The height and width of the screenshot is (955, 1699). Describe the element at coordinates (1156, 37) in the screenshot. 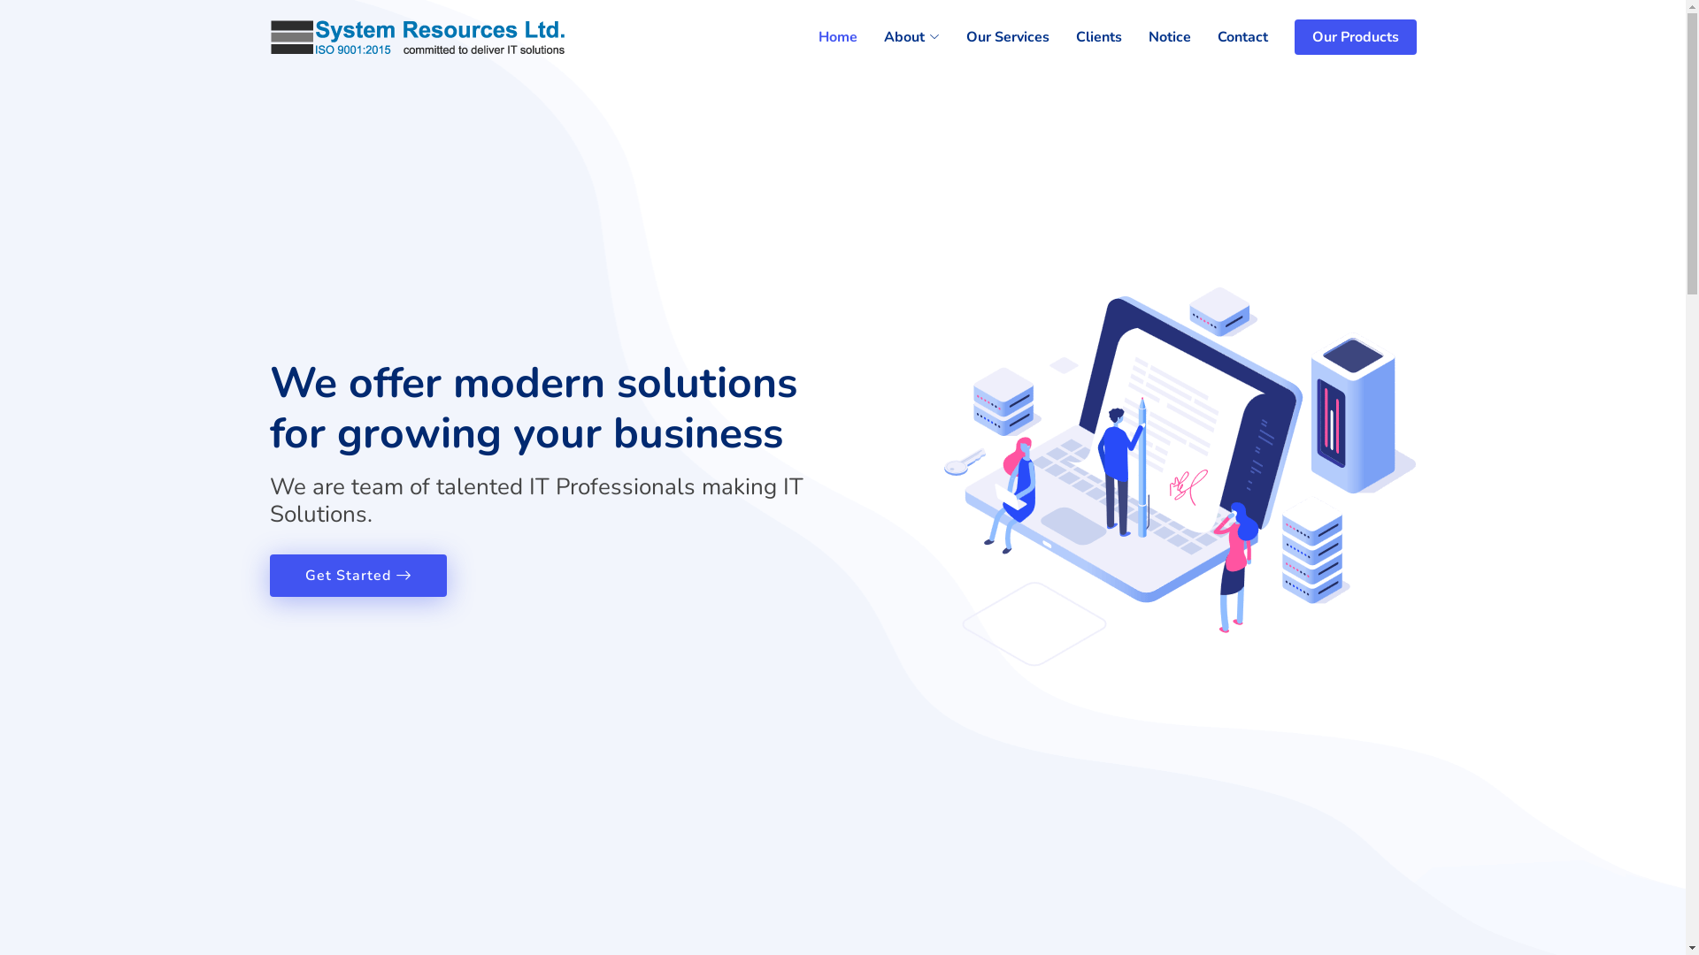

I see `'Notice'` at that location.